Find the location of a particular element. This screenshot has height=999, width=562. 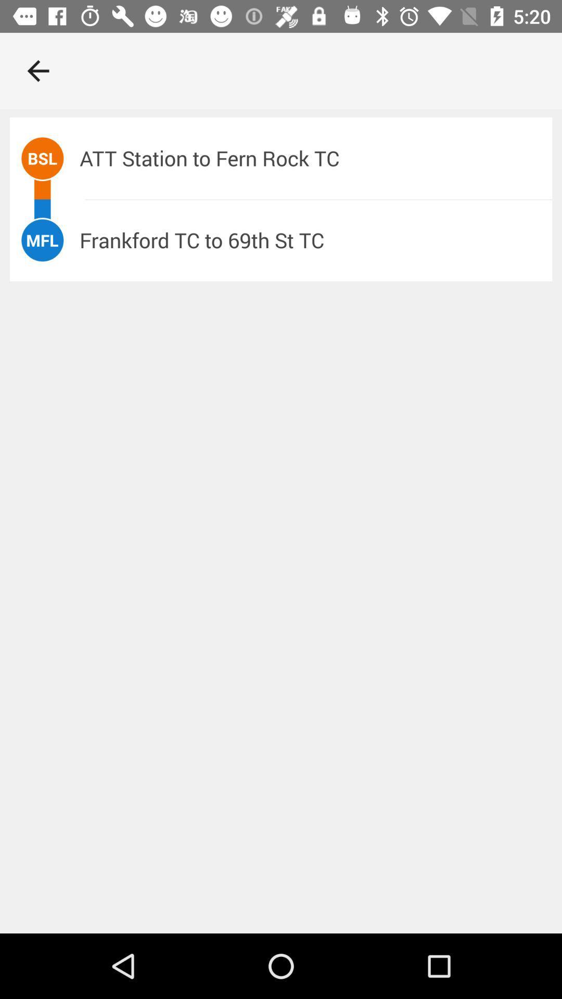

the frankford tc to is located at coordinates (315, 239).